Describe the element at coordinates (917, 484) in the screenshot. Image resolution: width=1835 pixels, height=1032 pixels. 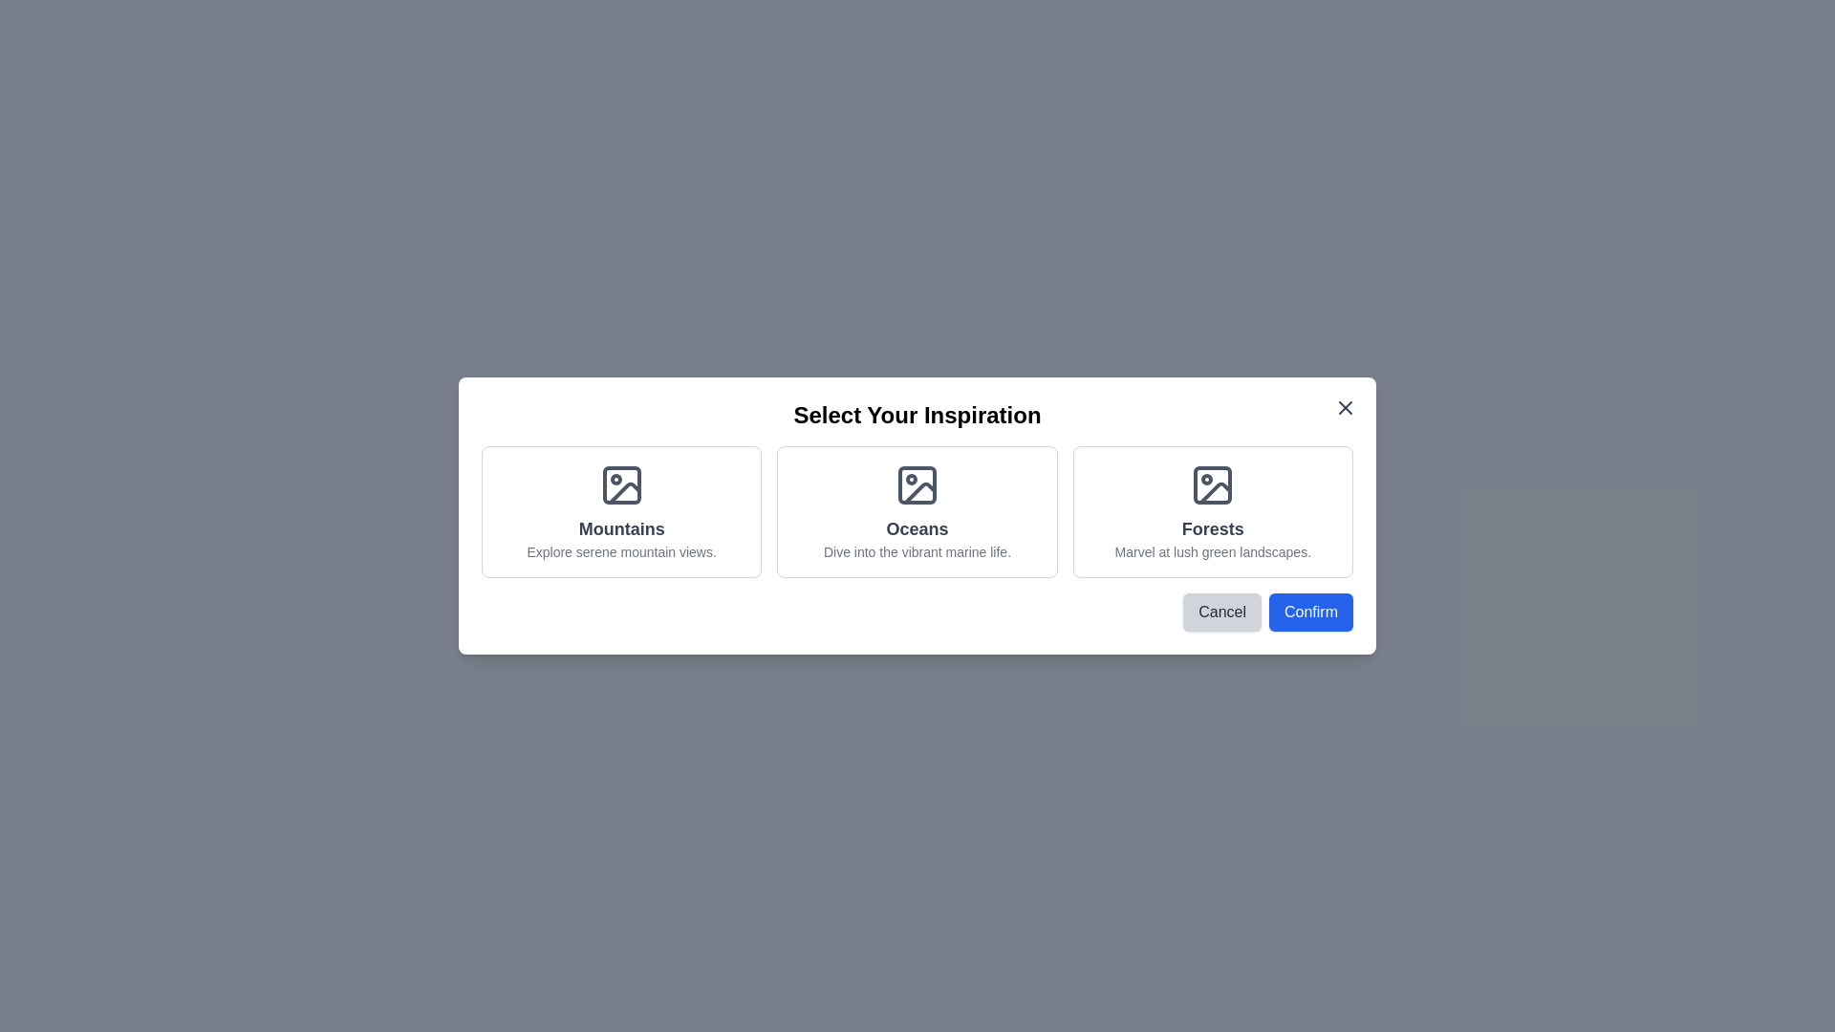
I see `the decorative shape within the 'Oceans' selection button, which is visually distinct from the text beneath it and part of a triad of options for inspiration categories` at that location.